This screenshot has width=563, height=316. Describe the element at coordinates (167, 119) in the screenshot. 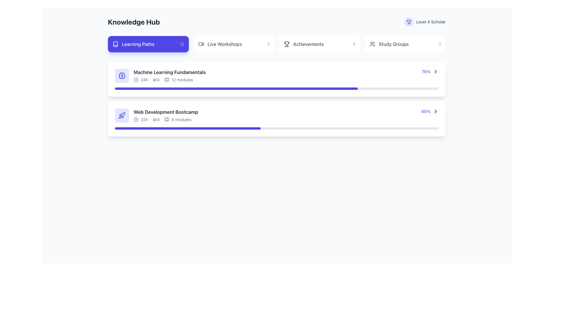

I see `the book icon, which is outlined and filled in the theme's color, located third in the group of learning module icons, positioned between a circular clock icon and the text '8 modules'` at that location.